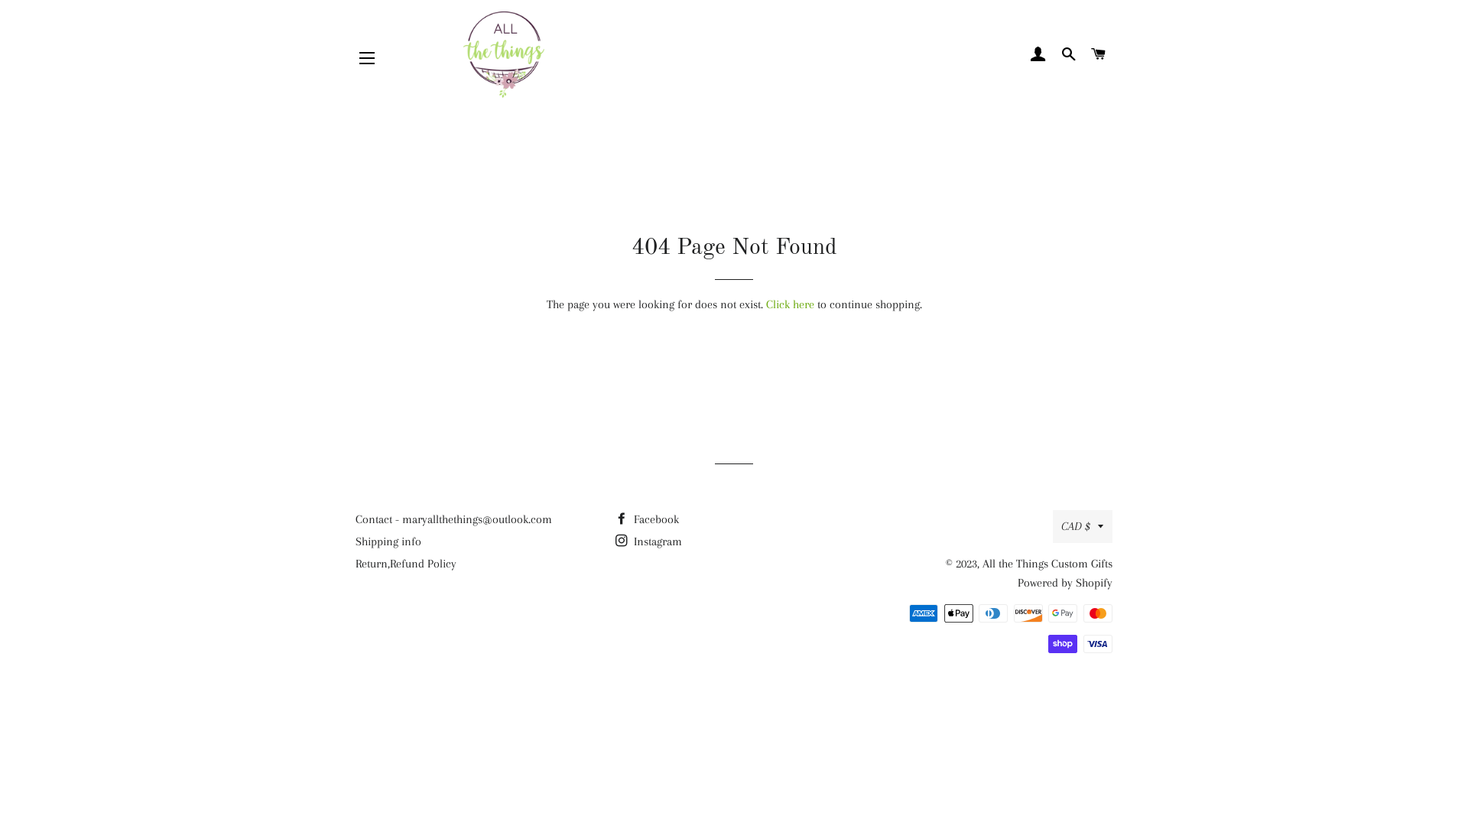 The image size is (1468, 826). I want to click on 'Facebook', so click(647, 518).